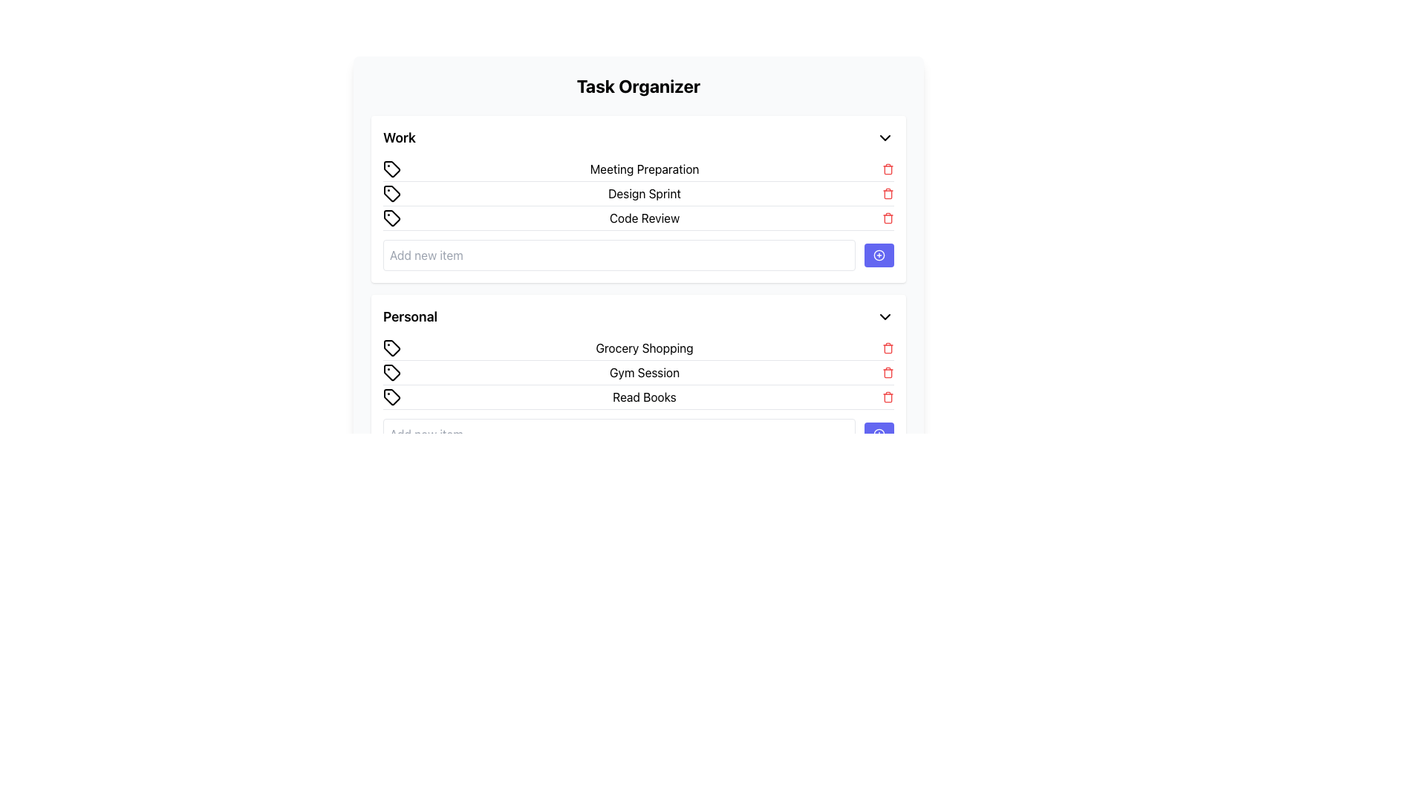 This screenshot has height=802, width=1426. Describe the element at coordinates (392, 218) in the screenshot. I see `the third tag icon in the 'Work' section of the task organizer list, which is positioned to the left of the text 'Code Review'` at that location.